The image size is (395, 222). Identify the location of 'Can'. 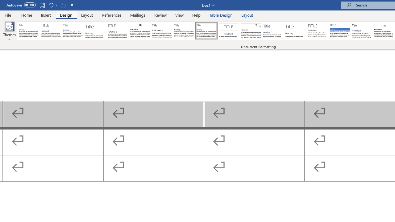
(63, 5).